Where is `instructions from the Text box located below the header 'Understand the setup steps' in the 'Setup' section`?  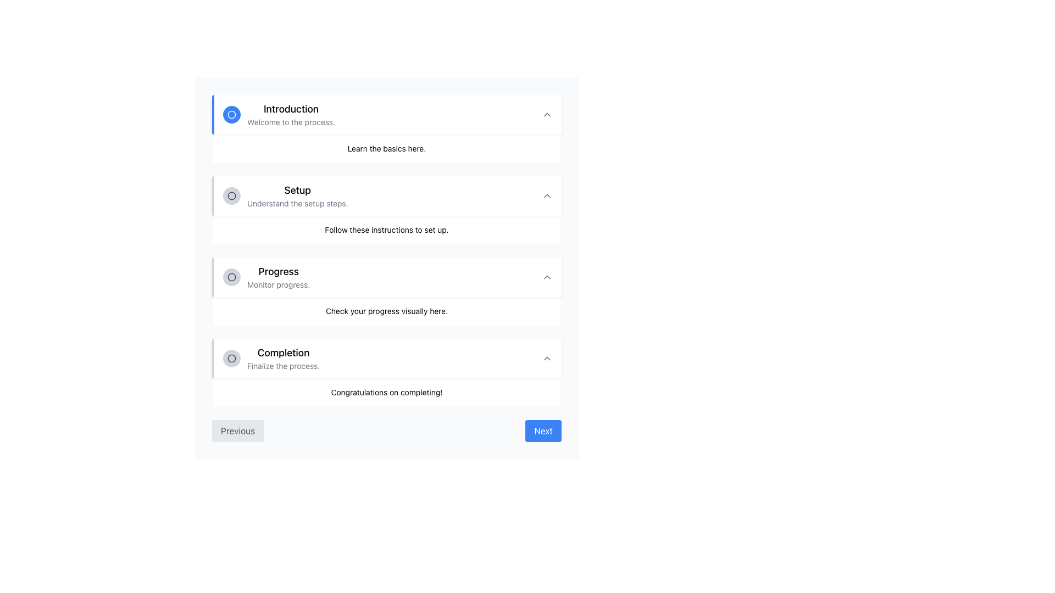 instructions from the Text box located below the header 'Understand the setup steps' in the 'Setup' section is located at coordinates (387, 230).